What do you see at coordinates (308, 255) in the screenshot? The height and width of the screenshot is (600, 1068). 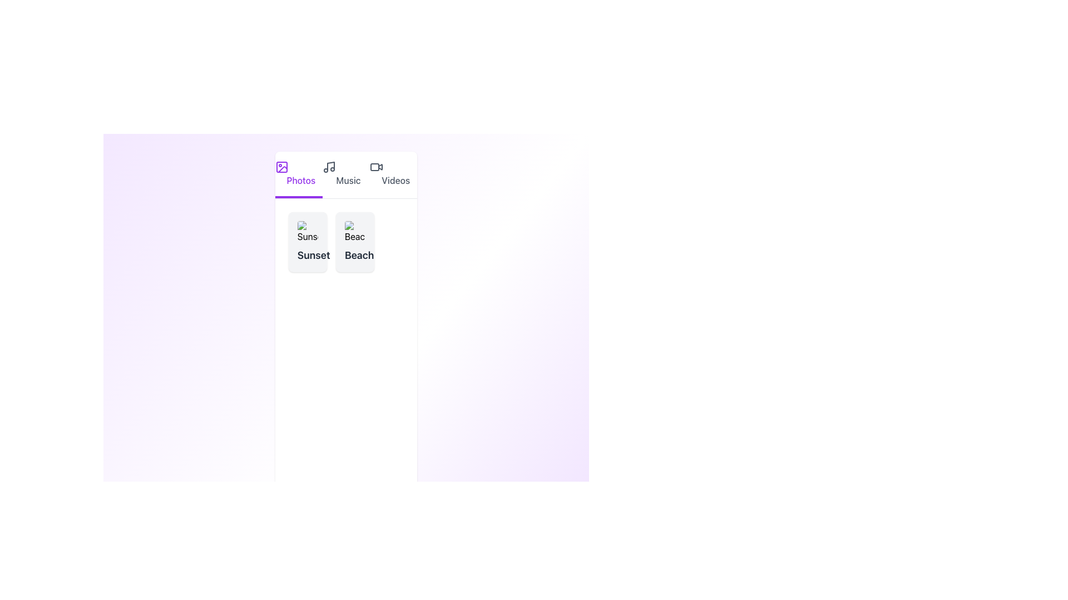 I see `text label located in the leftmost card of the gallery interface, which provides a title or description for the associated image above it` at bounding box center [308, 255].